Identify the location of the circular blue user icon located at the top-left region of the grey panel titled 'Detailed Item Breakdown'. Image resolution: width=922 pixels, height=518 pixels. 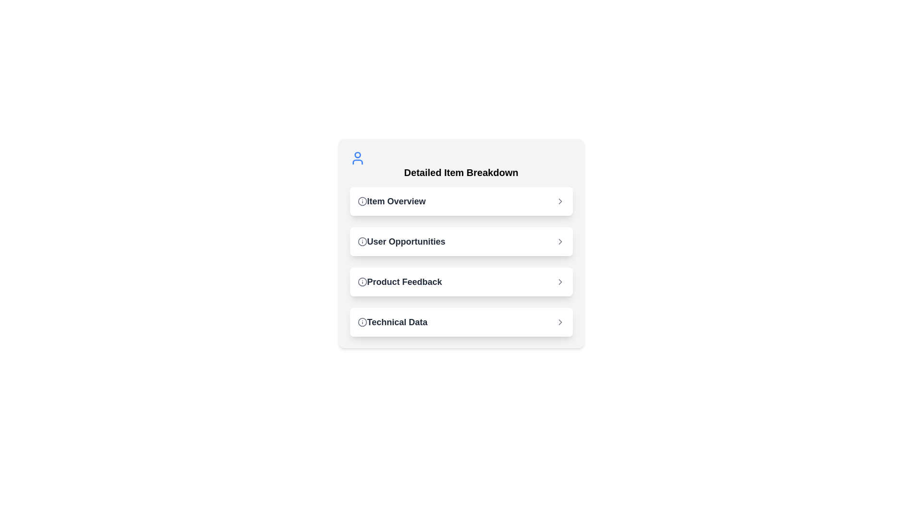
(357, 158).